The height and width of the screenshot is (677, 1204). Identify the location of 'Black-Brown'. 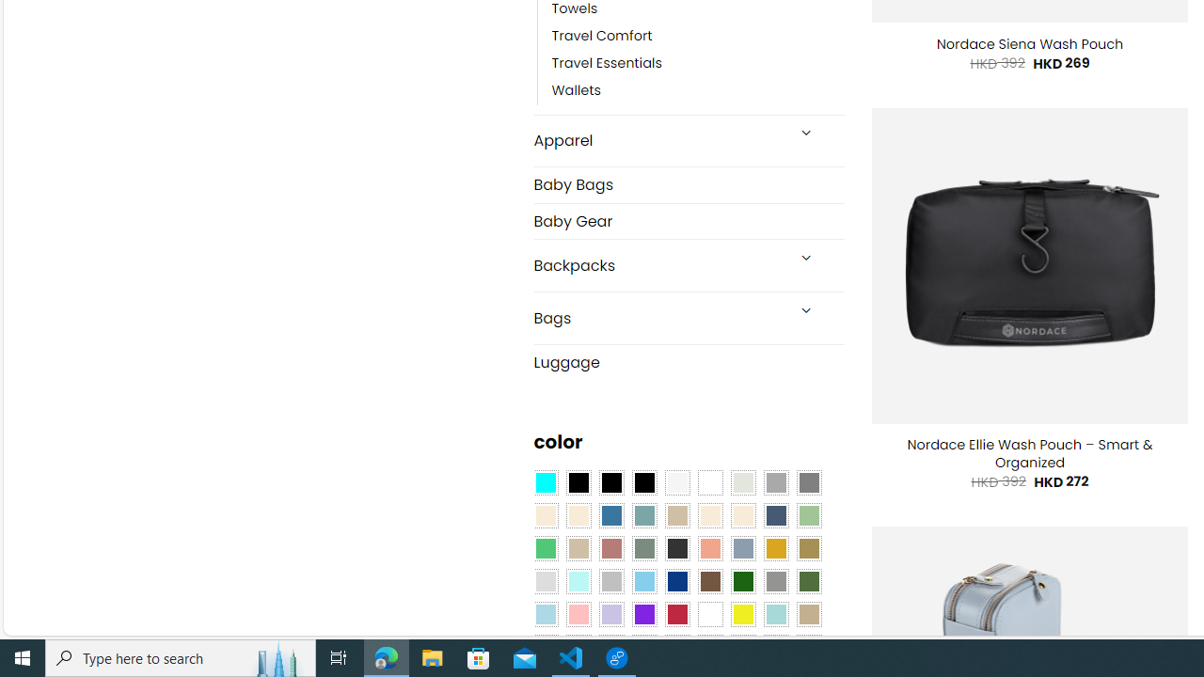
(643, 482).